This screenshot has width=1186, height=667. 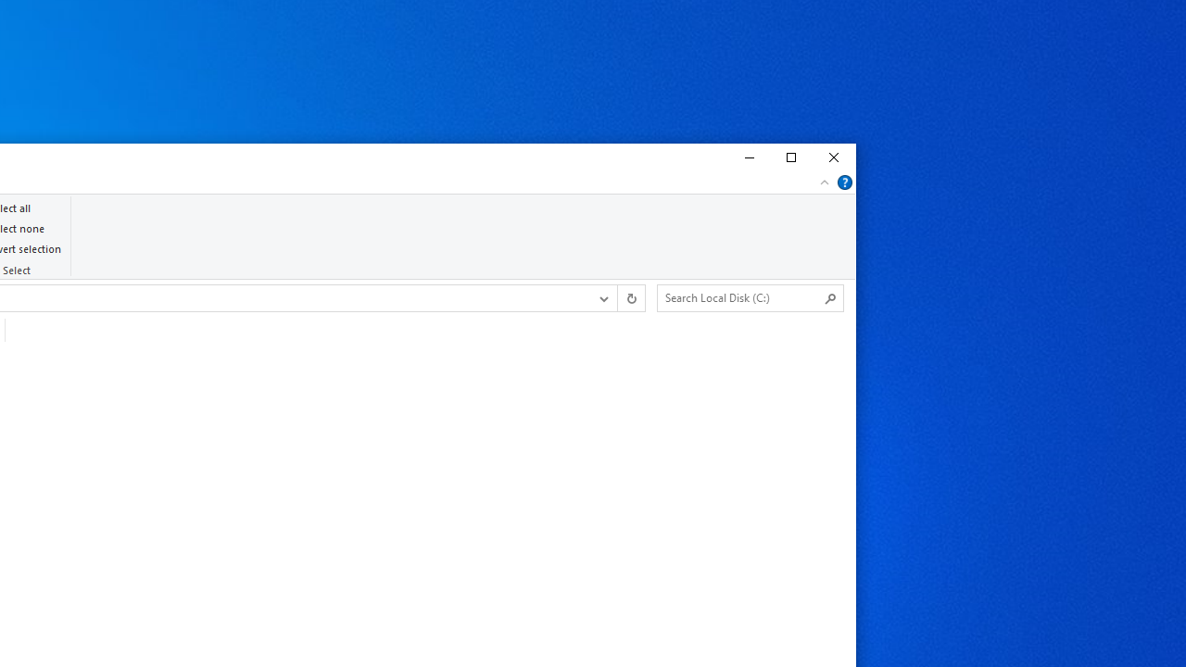 What do you see at coordinates (844, 182) in the screenshot?
I see `'Help'` at bounding box center [844, 182].